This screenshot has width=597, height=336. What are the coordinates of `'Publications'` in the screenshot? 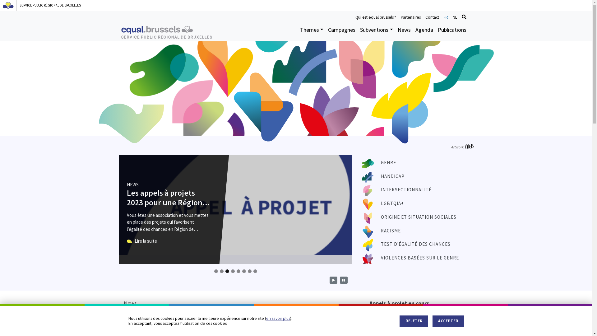 It's located at (452, 32).